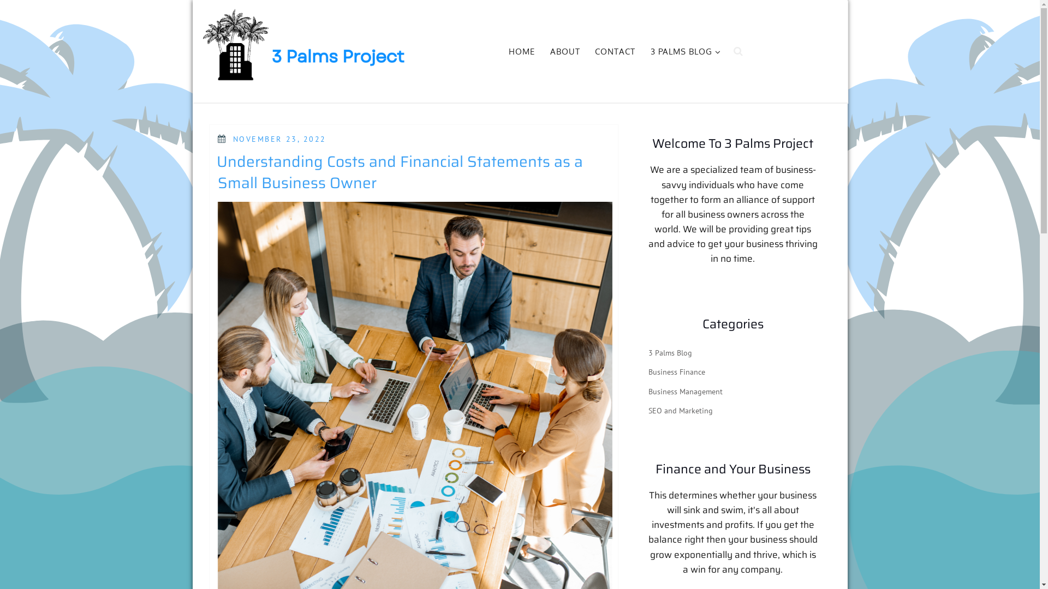 Image resolution: width=1048 pixels, height=589 pixels. What do you see at coordinates (279, 138) in the screenshot?
I see `'NOVEMBER 23, 2022'` at bounding box center [279, 138].